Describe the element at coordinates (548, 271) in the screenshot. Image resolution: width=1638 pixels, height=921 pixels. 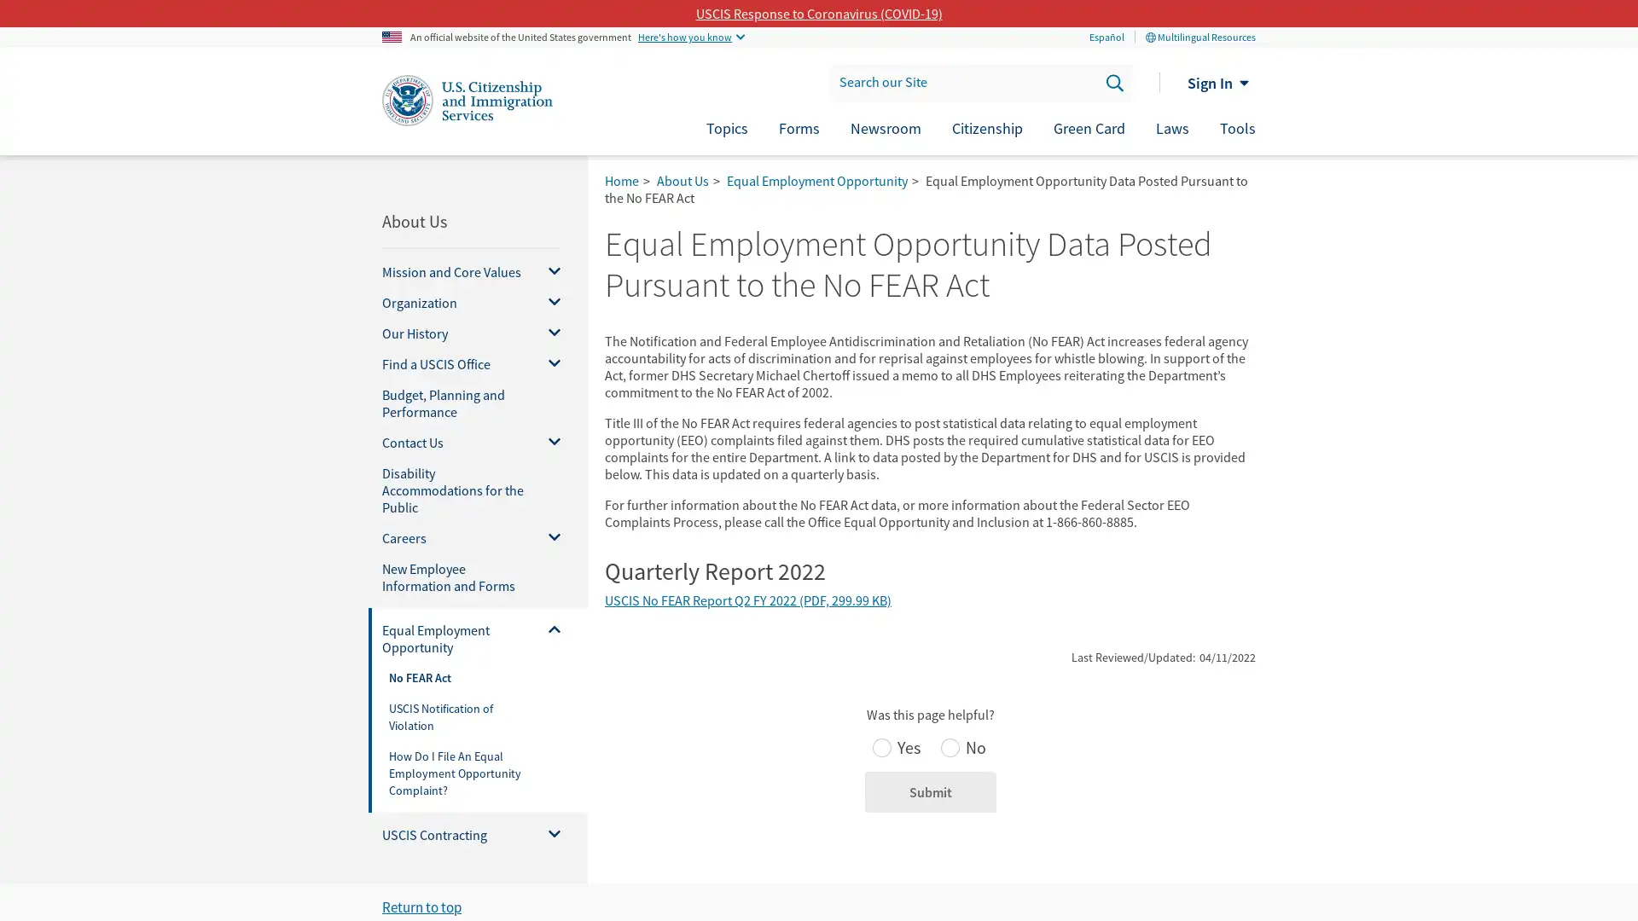
I see `Toggle menu for Mission and Core Values` at that location.